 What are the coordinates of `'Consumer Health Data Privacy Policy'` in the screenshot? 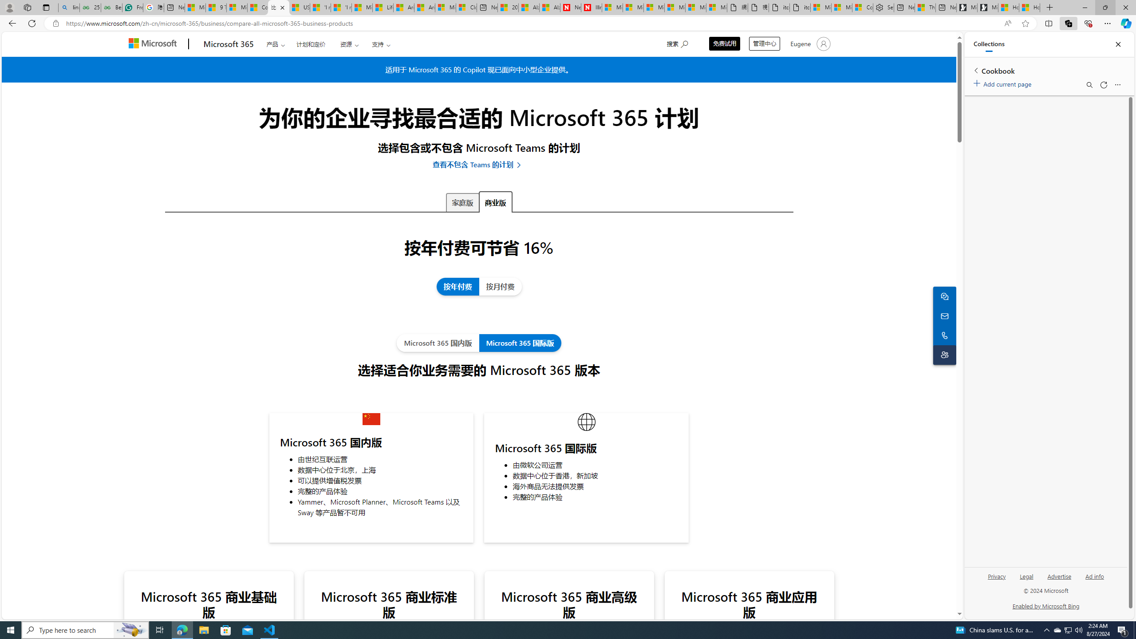 It's located at (863, 7).